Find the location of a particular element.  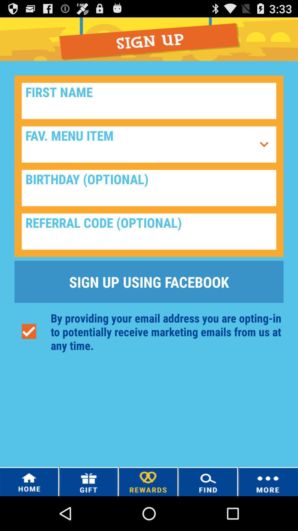

the icon next to the fav. menu item is located at coordinates (264, 144).